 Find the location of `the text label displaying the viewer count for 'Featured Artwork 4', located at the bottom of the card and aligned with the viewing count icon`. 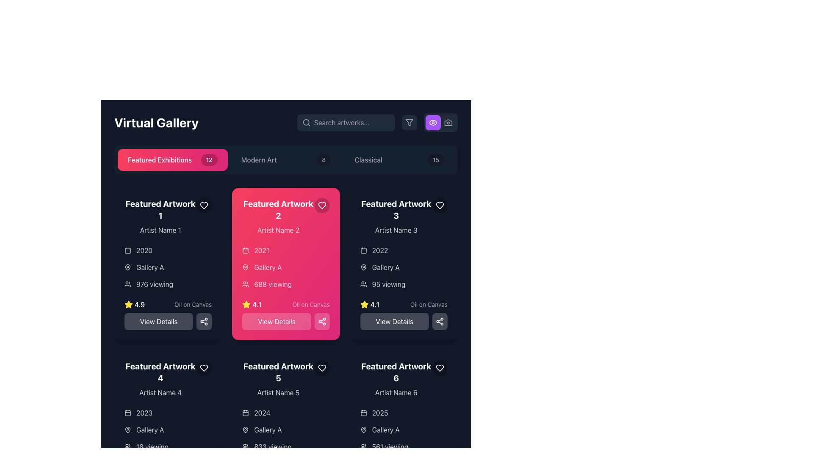

the text label displaying the viewer count for 'Featured Artwork 4', located at the bottom of the card and aligned with the viewing count icon is located at coordinates (152, 446).